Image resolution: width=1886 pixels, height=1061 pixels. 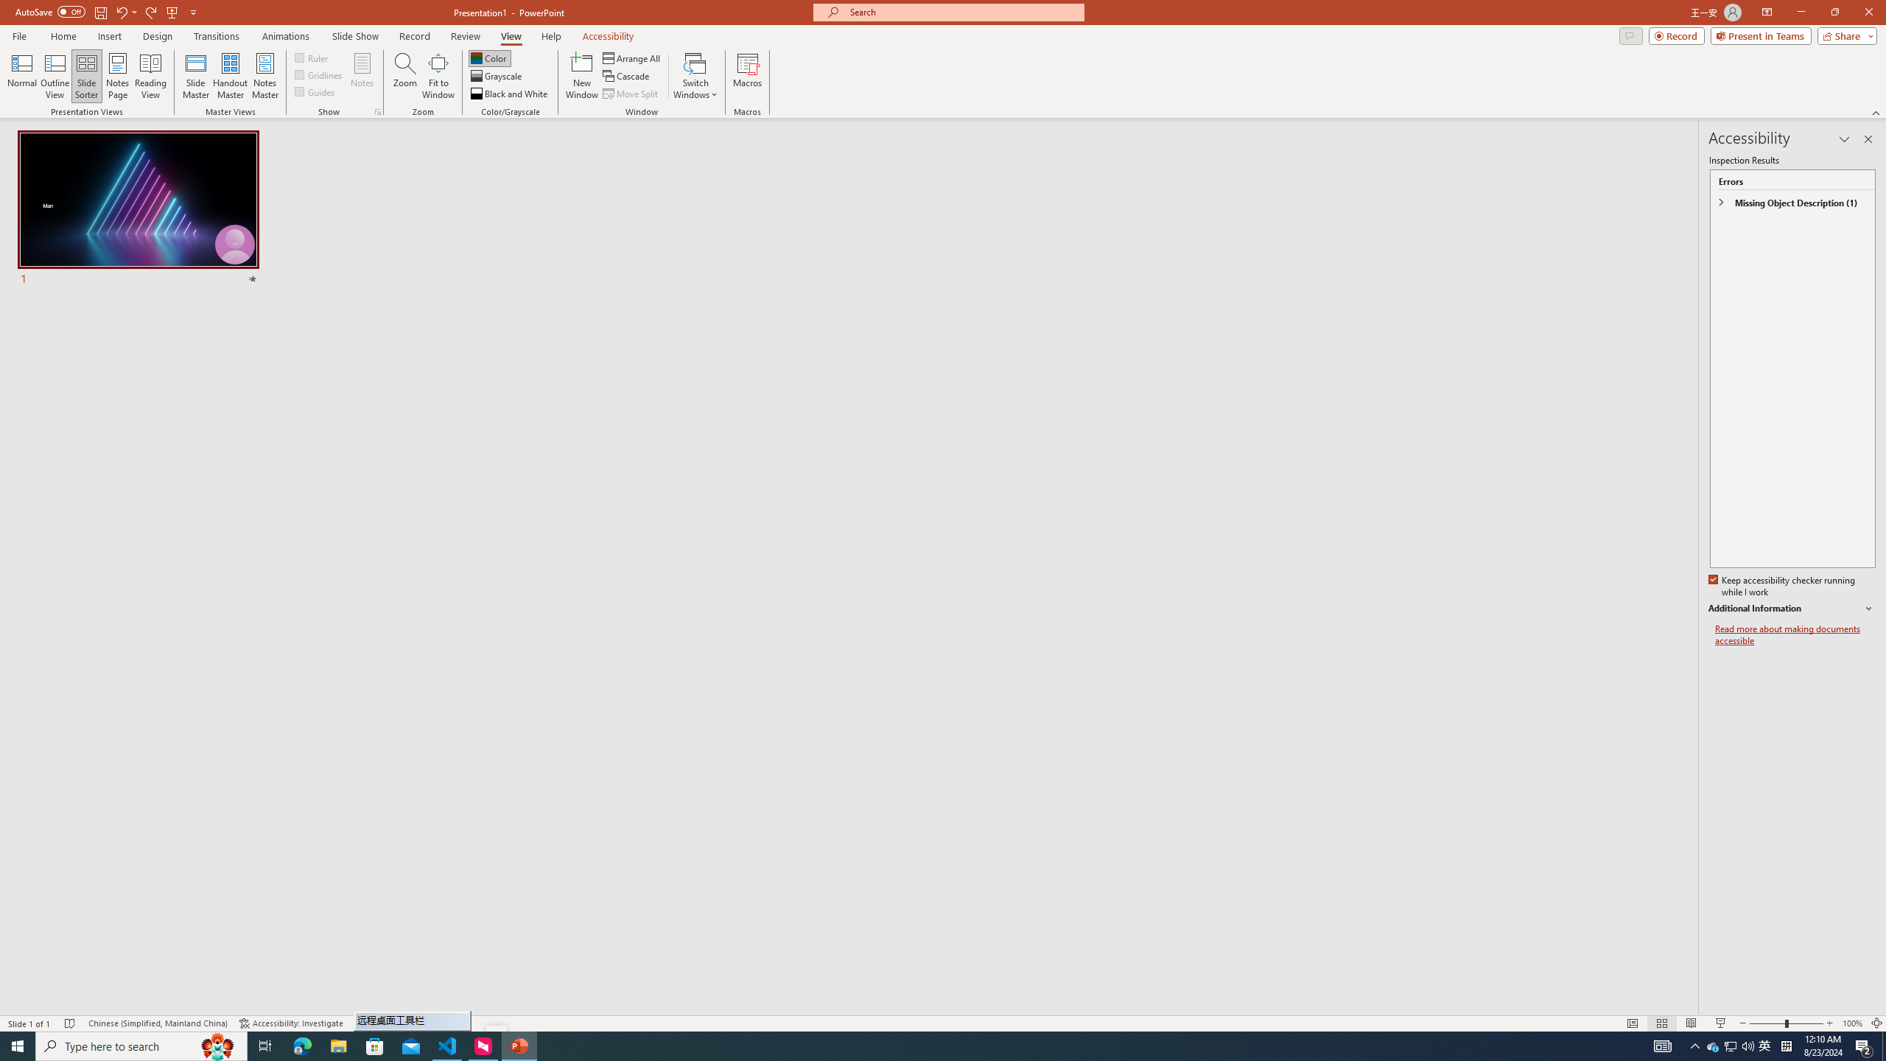 What do you see at coordinates (405, 76) in the screenshot?
I see `'Zoom...'` at bounding box center [405, 76].